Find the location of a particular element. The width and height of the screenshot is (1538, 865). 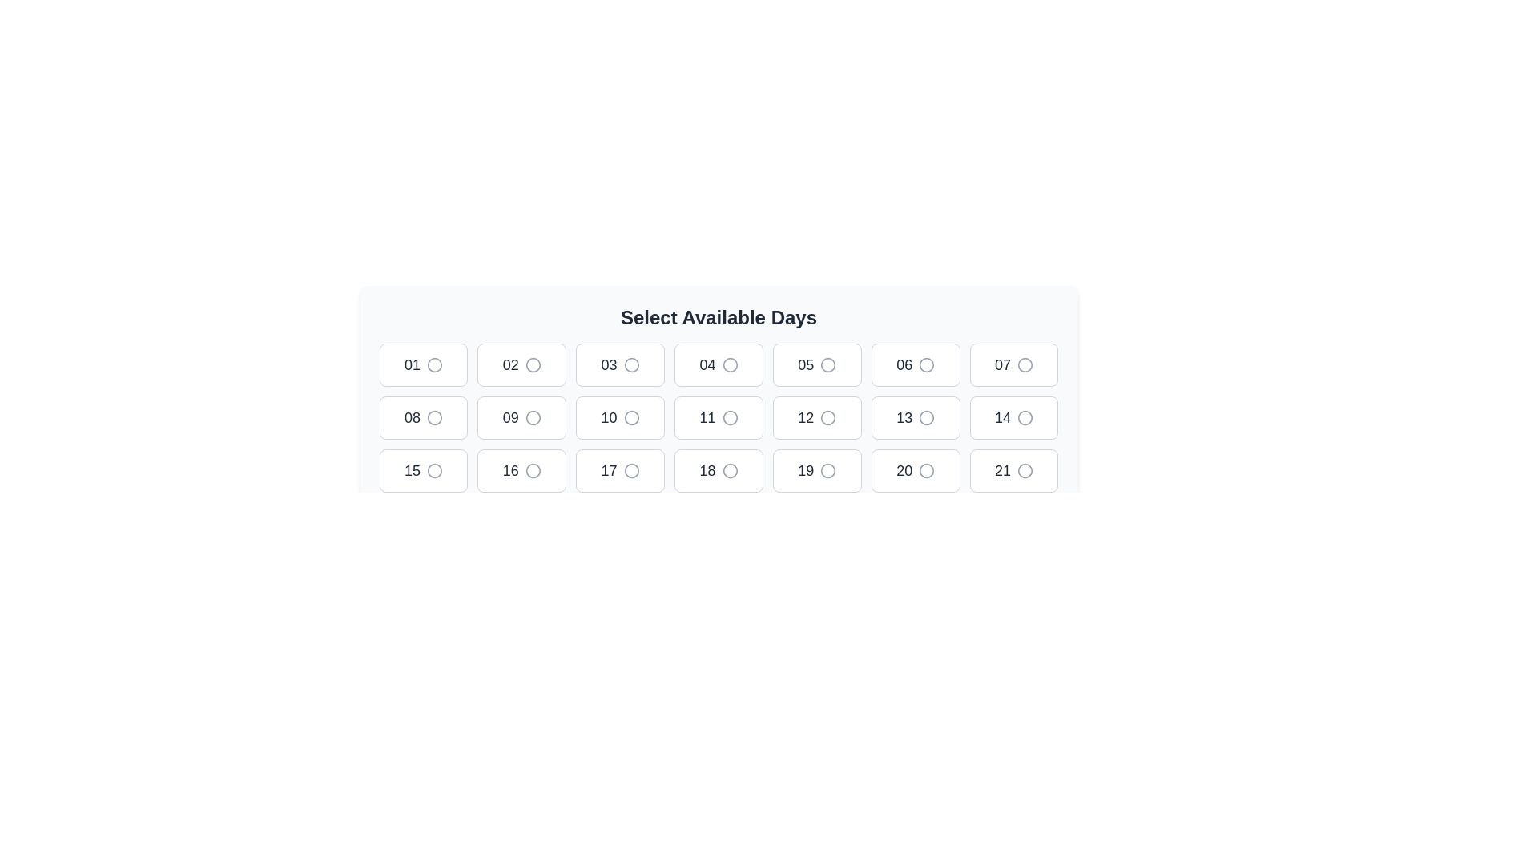

the radio button styled as a stroked outline circle located adjacent to the number '10' in the grid layout is located at coordinates (630, 416).